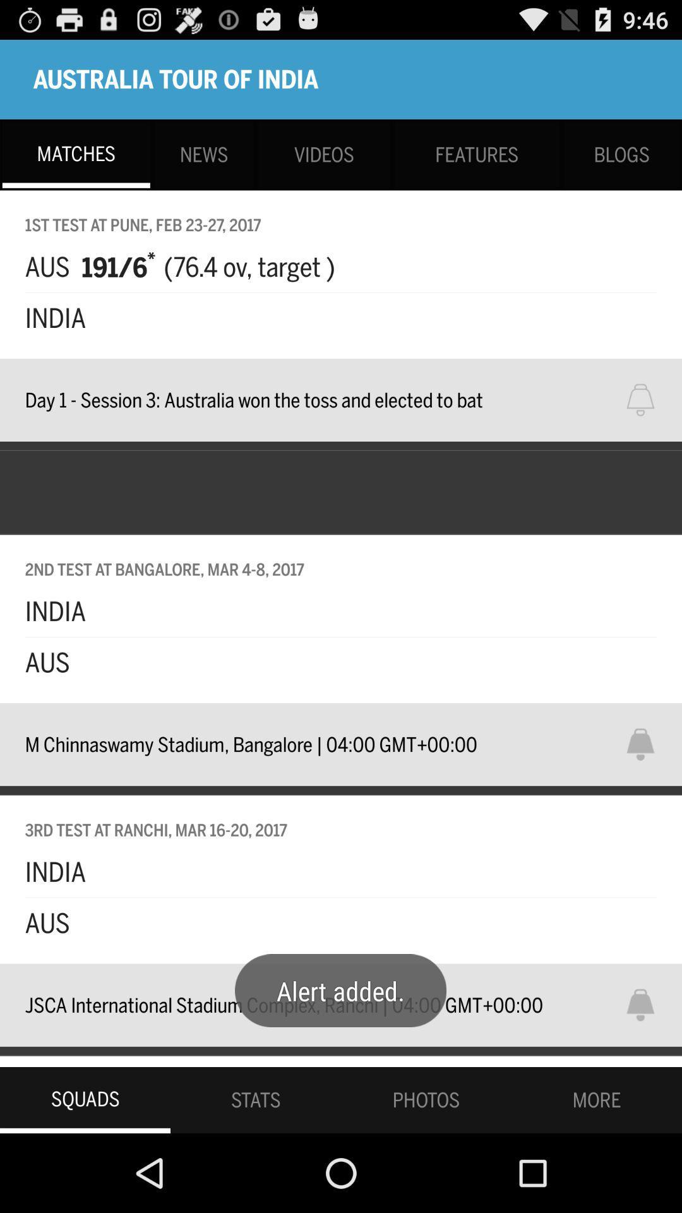 The height and width of the screenshot is (1213, 682). What do you see at coordinates (649, 744) in the screenshot?
I see `sets alarm` at bounding box center [649, 744].